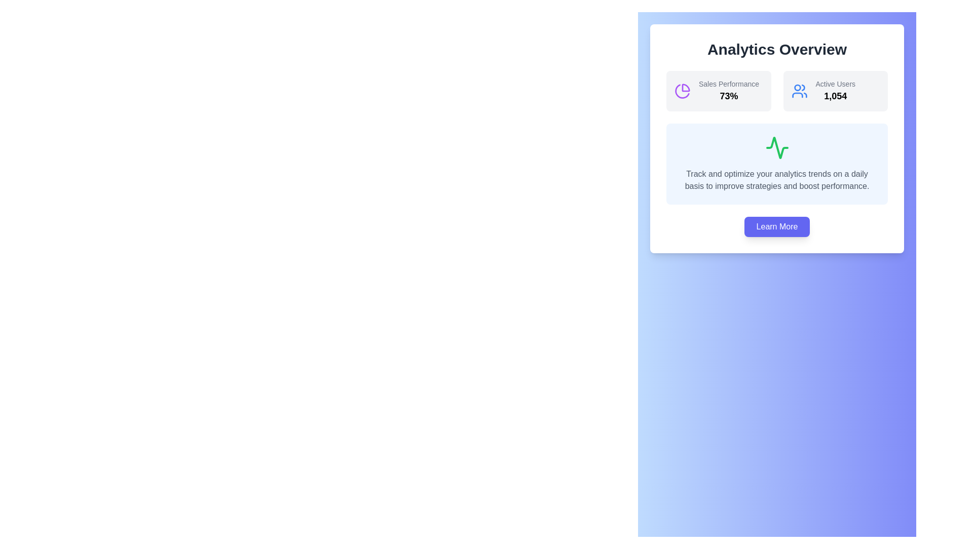  Describe the element at coordinates (728, 83) in the screenshot. I see `the text label reading 'Sales Performance' styled in gray, located in the top-left section of the dashboard interface, above the percentage value '73%'` at that location.